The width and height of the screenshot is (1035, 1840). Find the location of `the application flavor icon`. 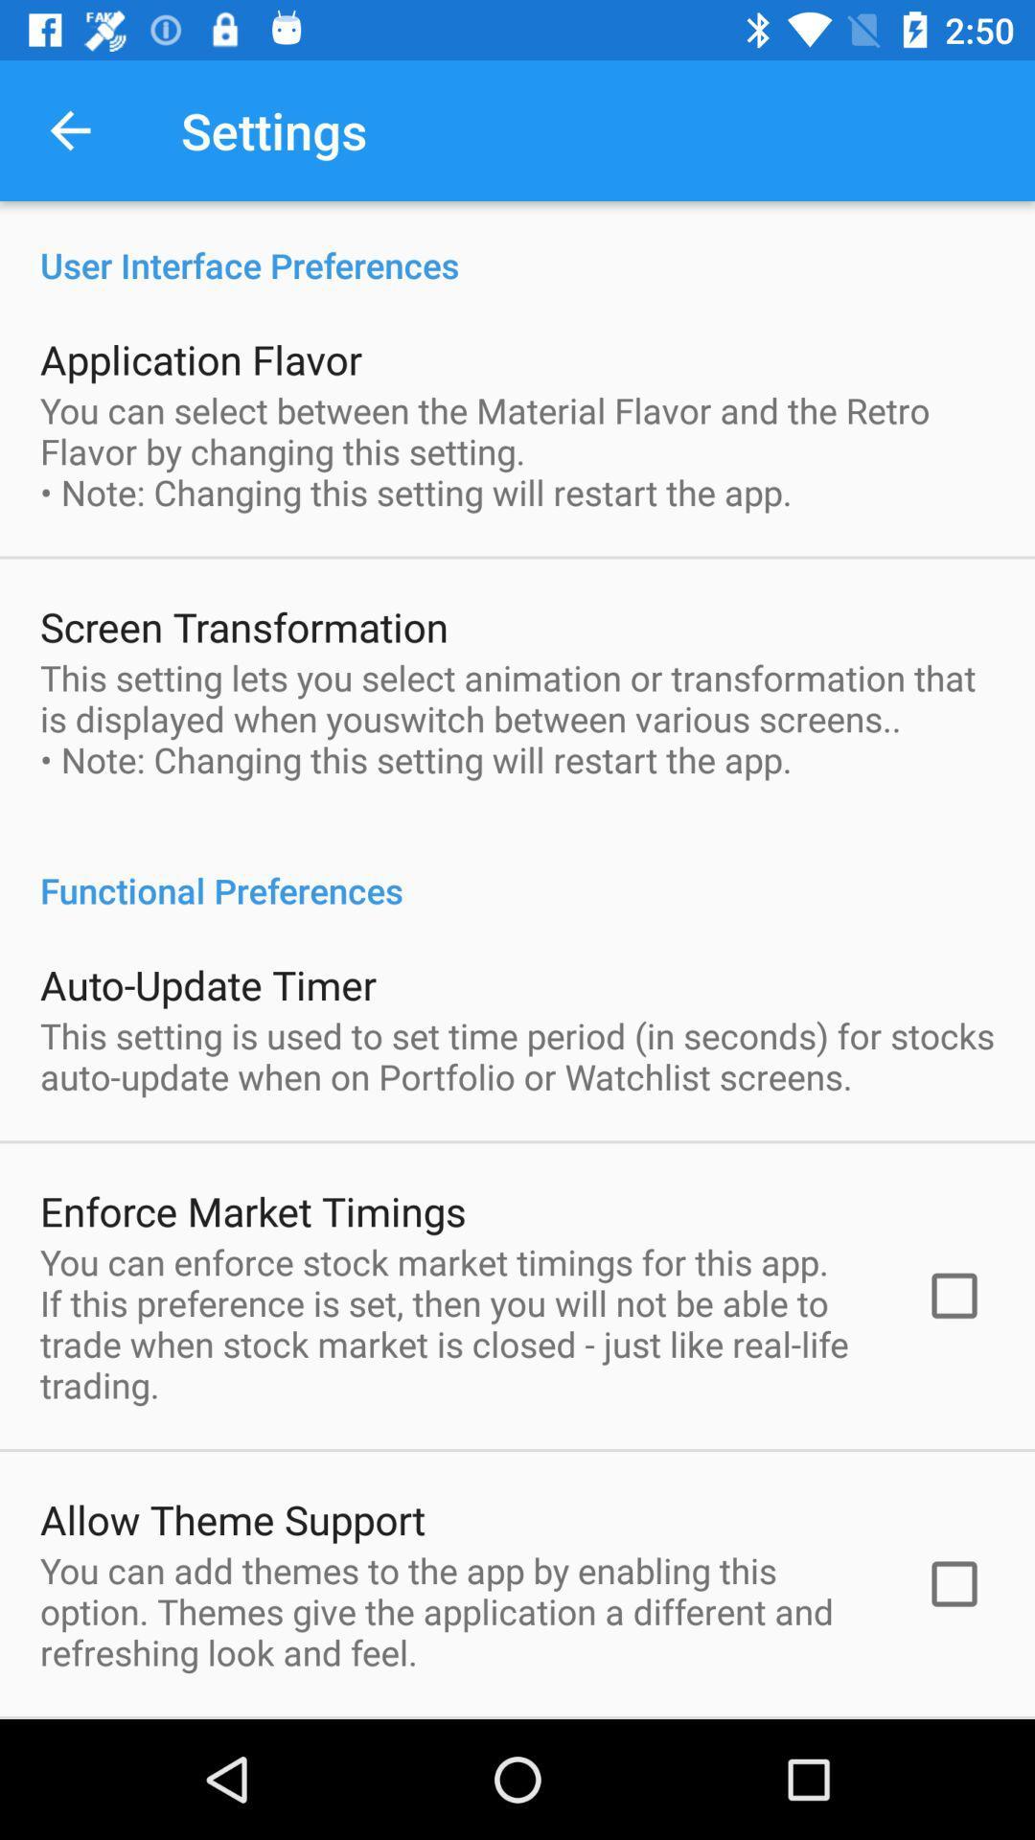

the application flavor icon is located at coordinates (200, 358).